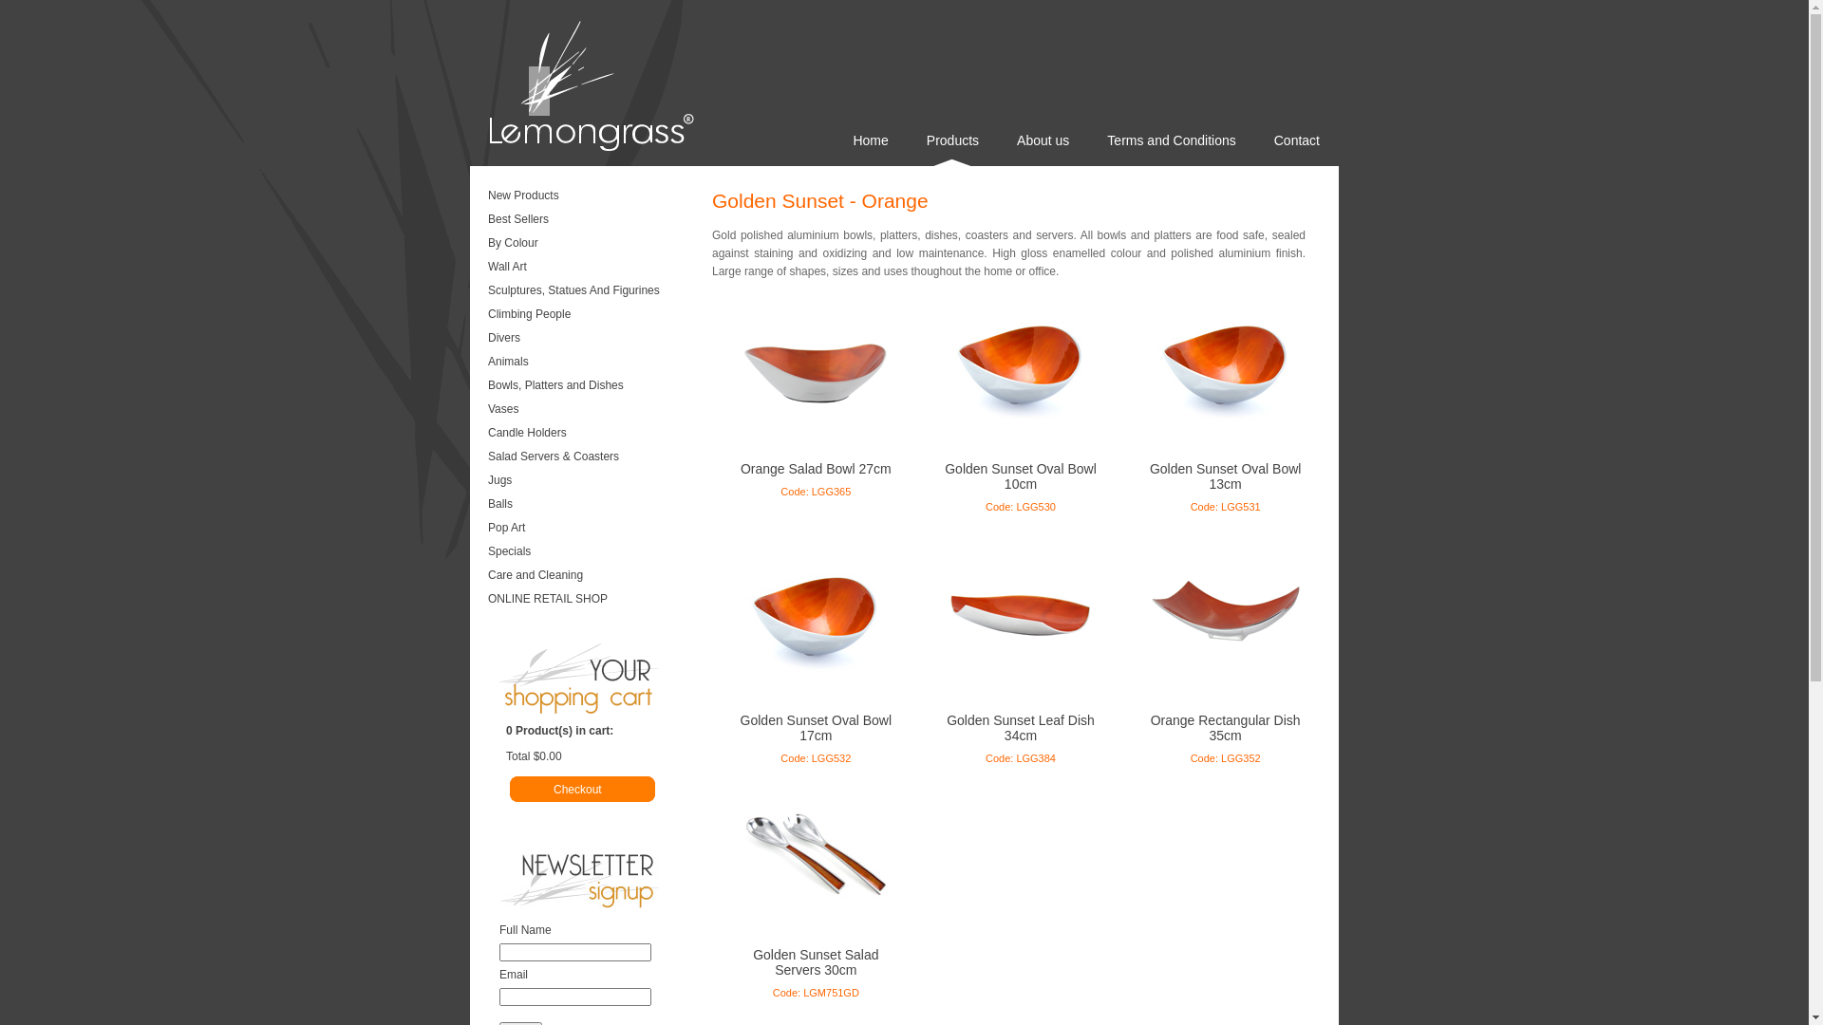 Image resolution: width=1823 pixels, height=1025 pixels. What do you see at coordinates (816, 962) in the screenshot?
I see `'Golden Sunset Salad Servers 30cm'` at bounding box center [816, 962].